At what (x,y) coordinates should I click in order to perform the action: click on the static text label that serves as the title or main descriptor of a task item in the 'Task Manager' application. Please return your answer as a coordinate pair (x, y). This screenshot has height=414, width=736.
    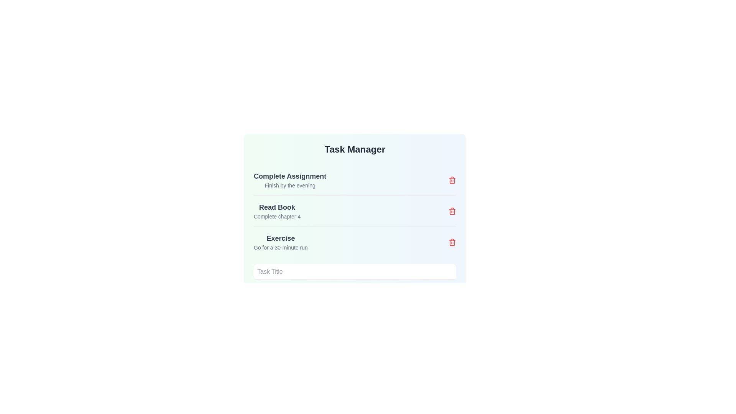
    Looking at the image, I should click on (280, 238).